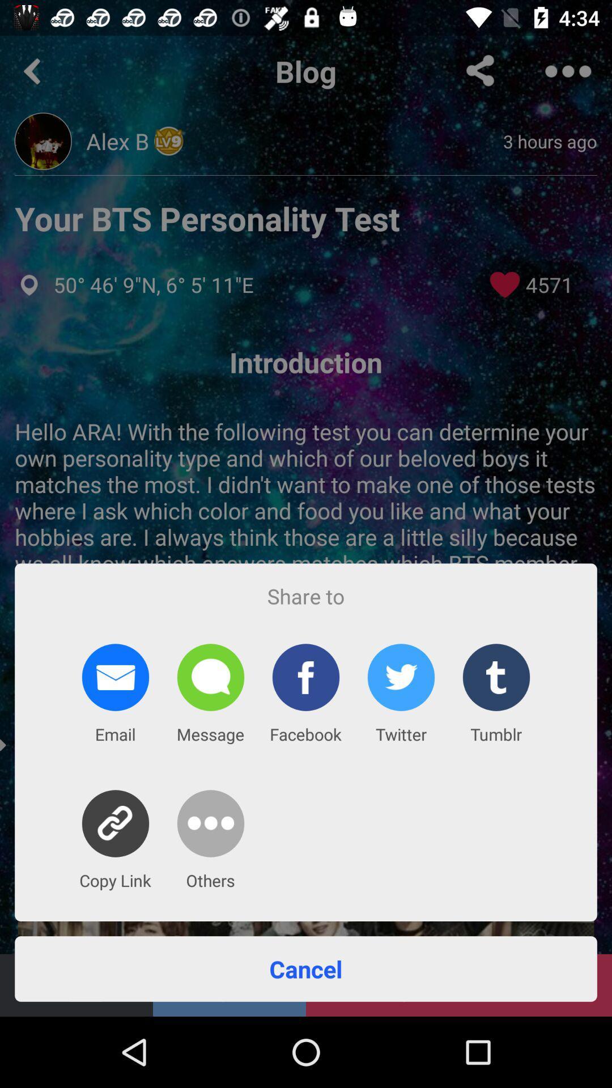 The image size is (612, 1088). Describe the element at coordinates (116, 823) in the screenshot. I see `the icon which is above the text copy link` at that location.